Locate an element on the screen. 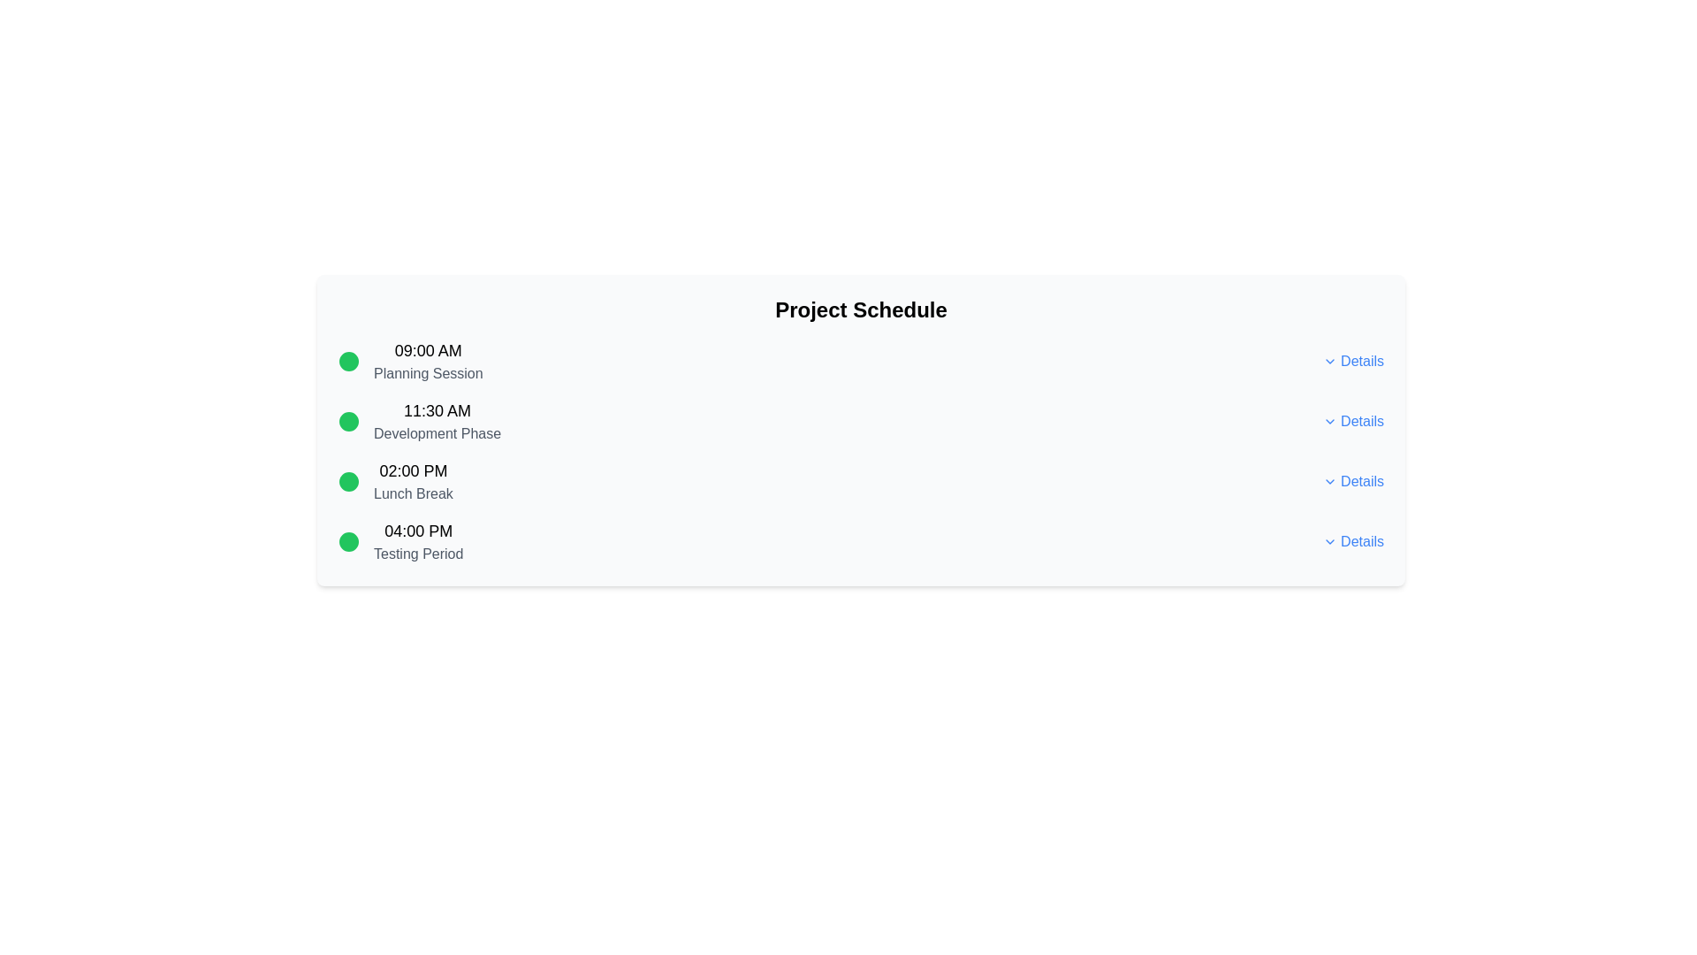 The height and width of the screenshot is (955, 1697). the third green circular indicator in the vertical sequence, which is located to the left of the text '02:00 PM Lunch Break' is located at coordinates (348, 481).